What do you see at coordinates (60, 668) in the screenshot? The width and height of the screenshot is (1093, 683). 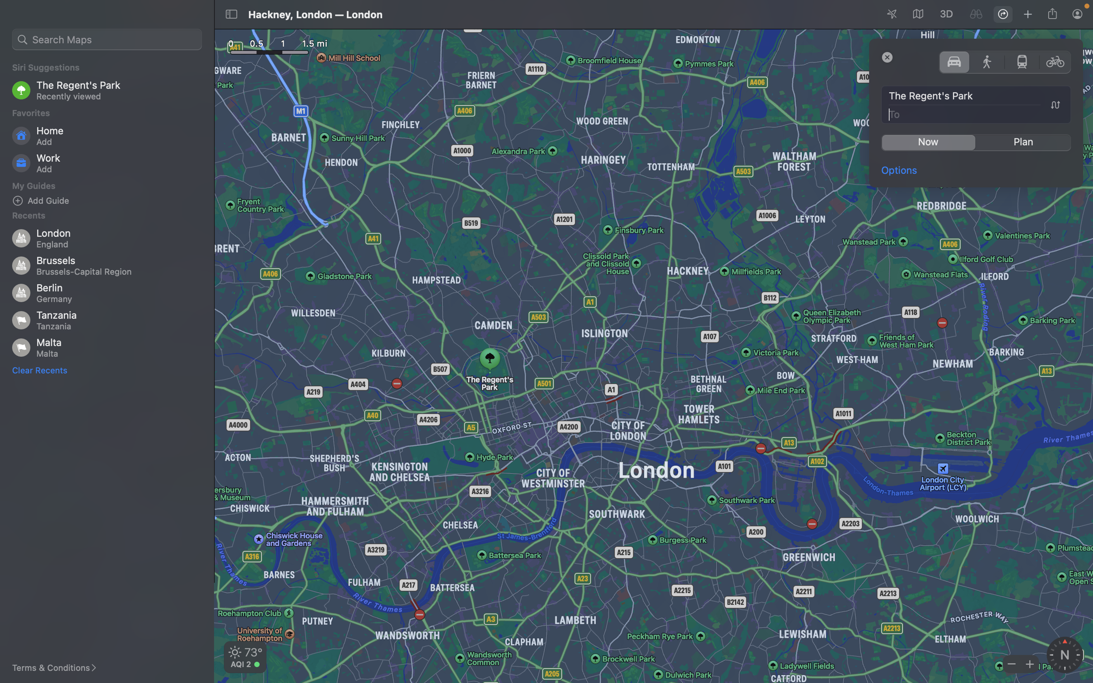 I see `and click on the link labelled "terms & conditions" to inspect them` at bounding box center [60, 668].